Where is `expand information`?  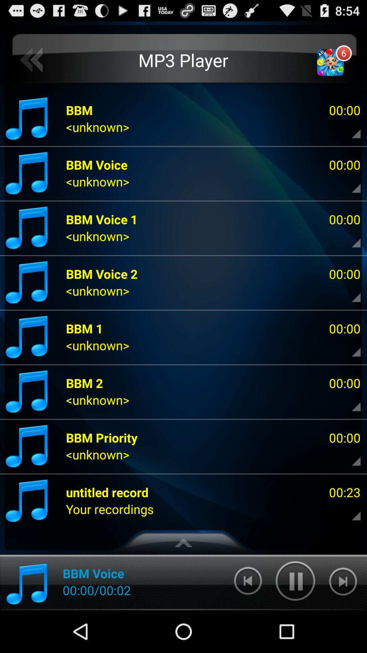 expand information is located at coordinates (350, 238).